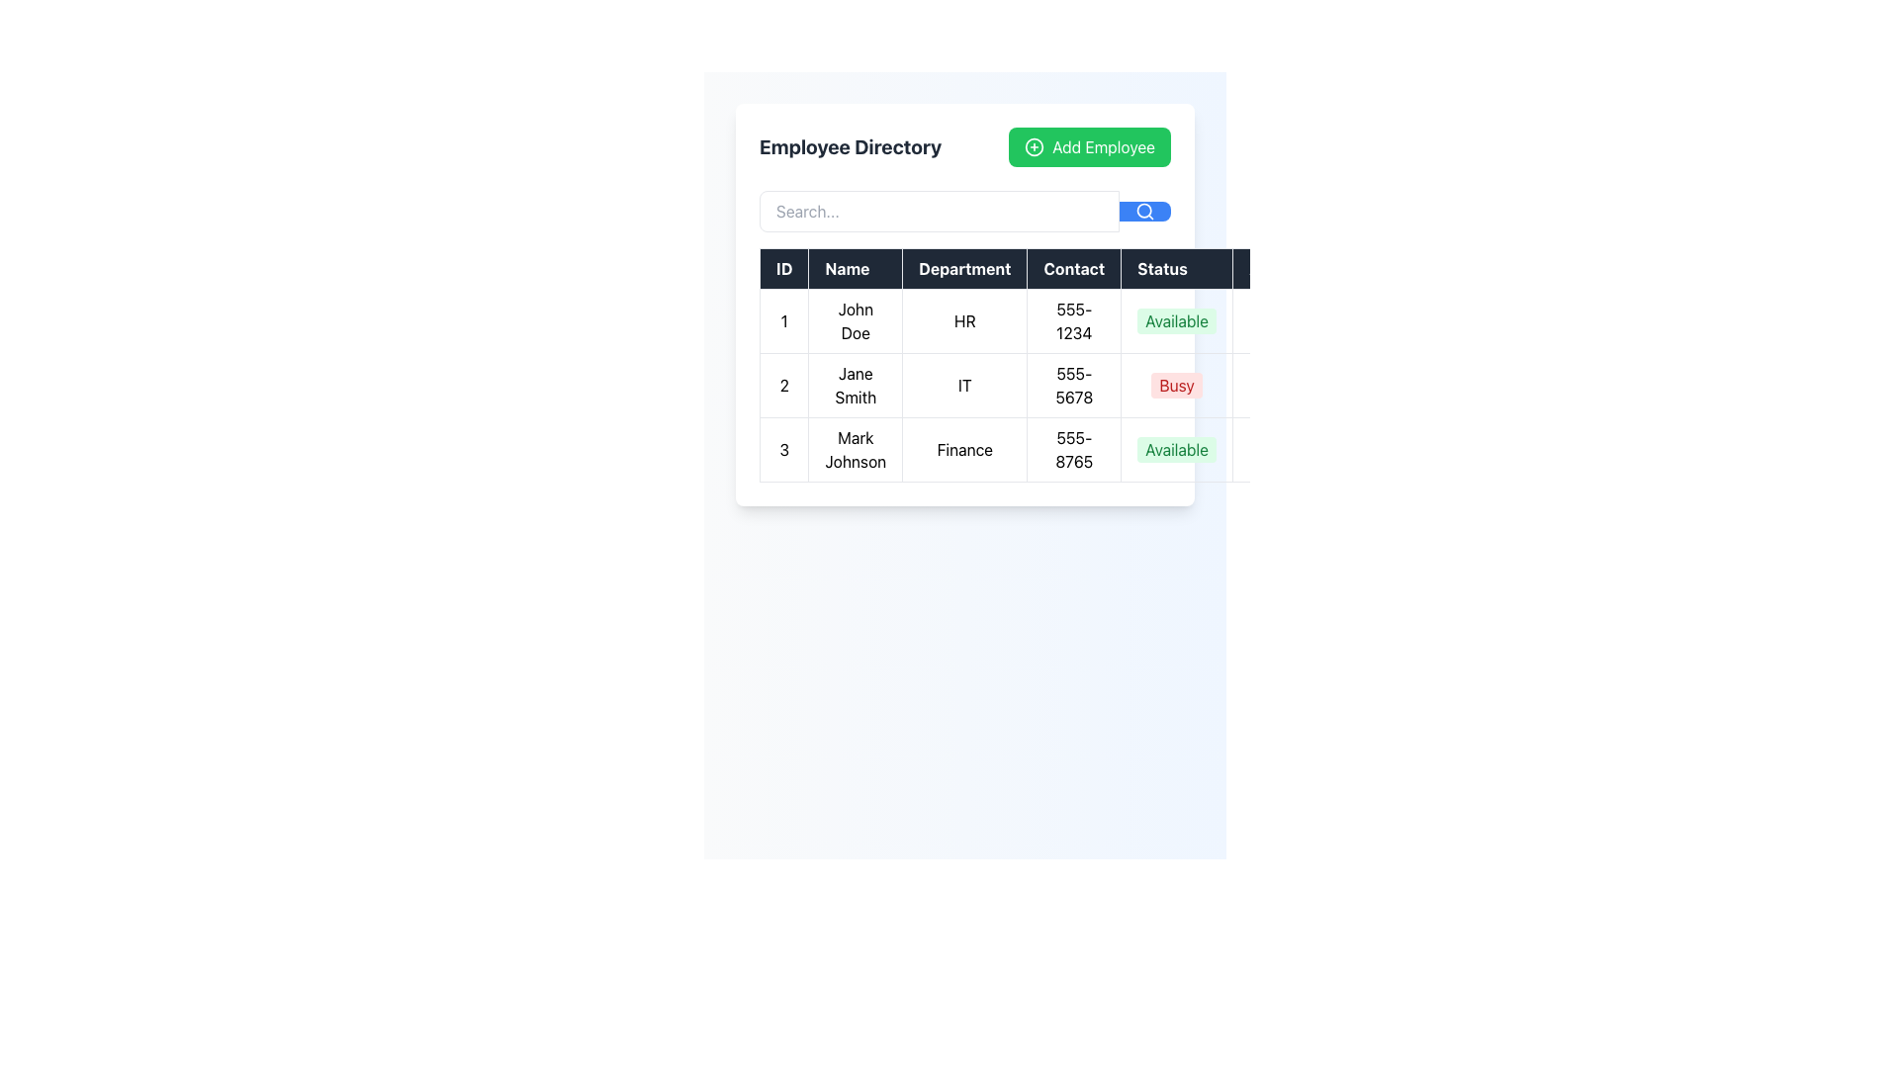 The width and height of the screenshot is (1899, 1068). I want to click on the search icon styled with a magnifying glass, which is located at the center of a blue button, so click(1144, 211).